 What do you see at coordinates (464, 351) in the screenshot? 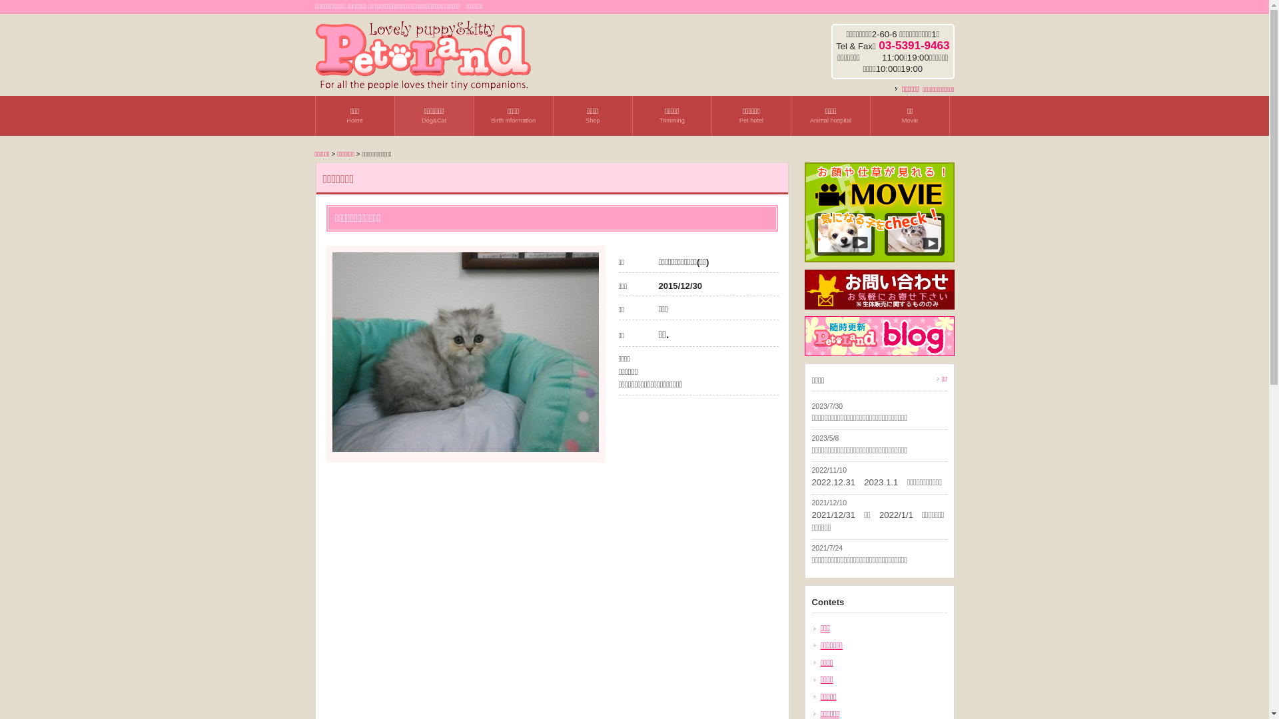
I see `'OLYMPUS DIGITAL CAMERA'` at bounding box center [464, 351].